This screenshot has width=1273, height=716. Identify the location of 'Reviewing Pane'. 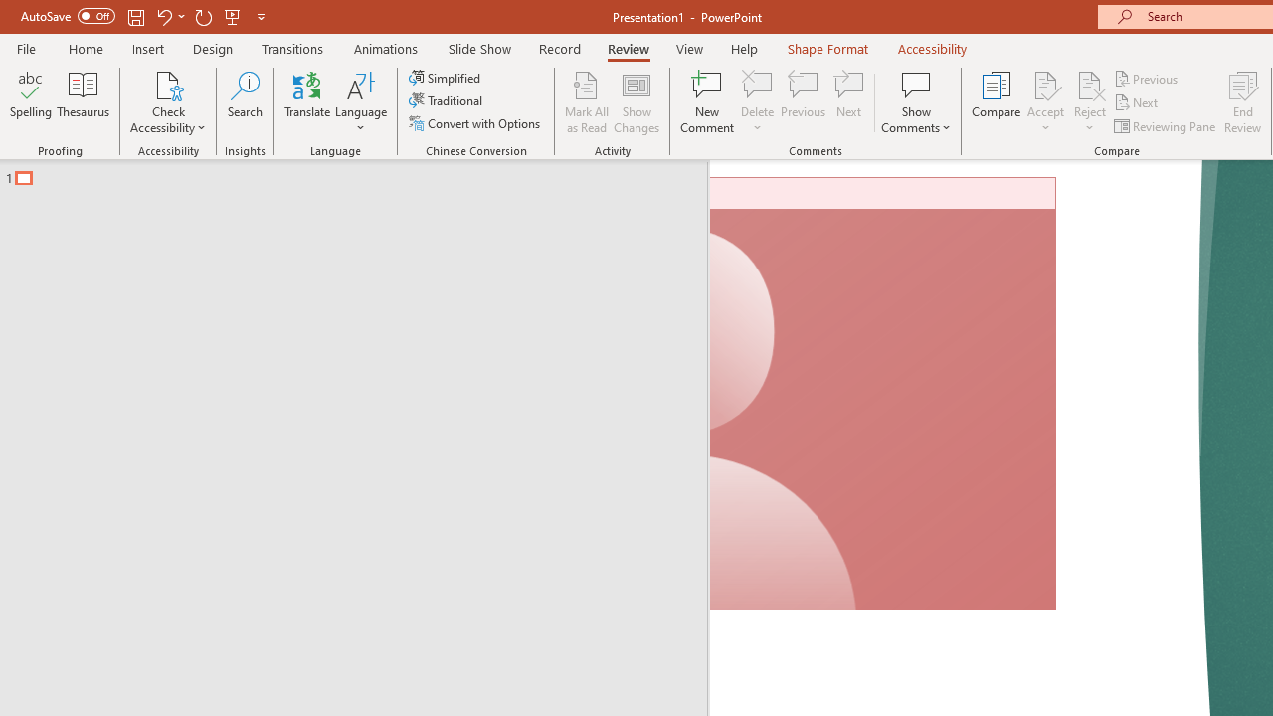
(1167, 126).